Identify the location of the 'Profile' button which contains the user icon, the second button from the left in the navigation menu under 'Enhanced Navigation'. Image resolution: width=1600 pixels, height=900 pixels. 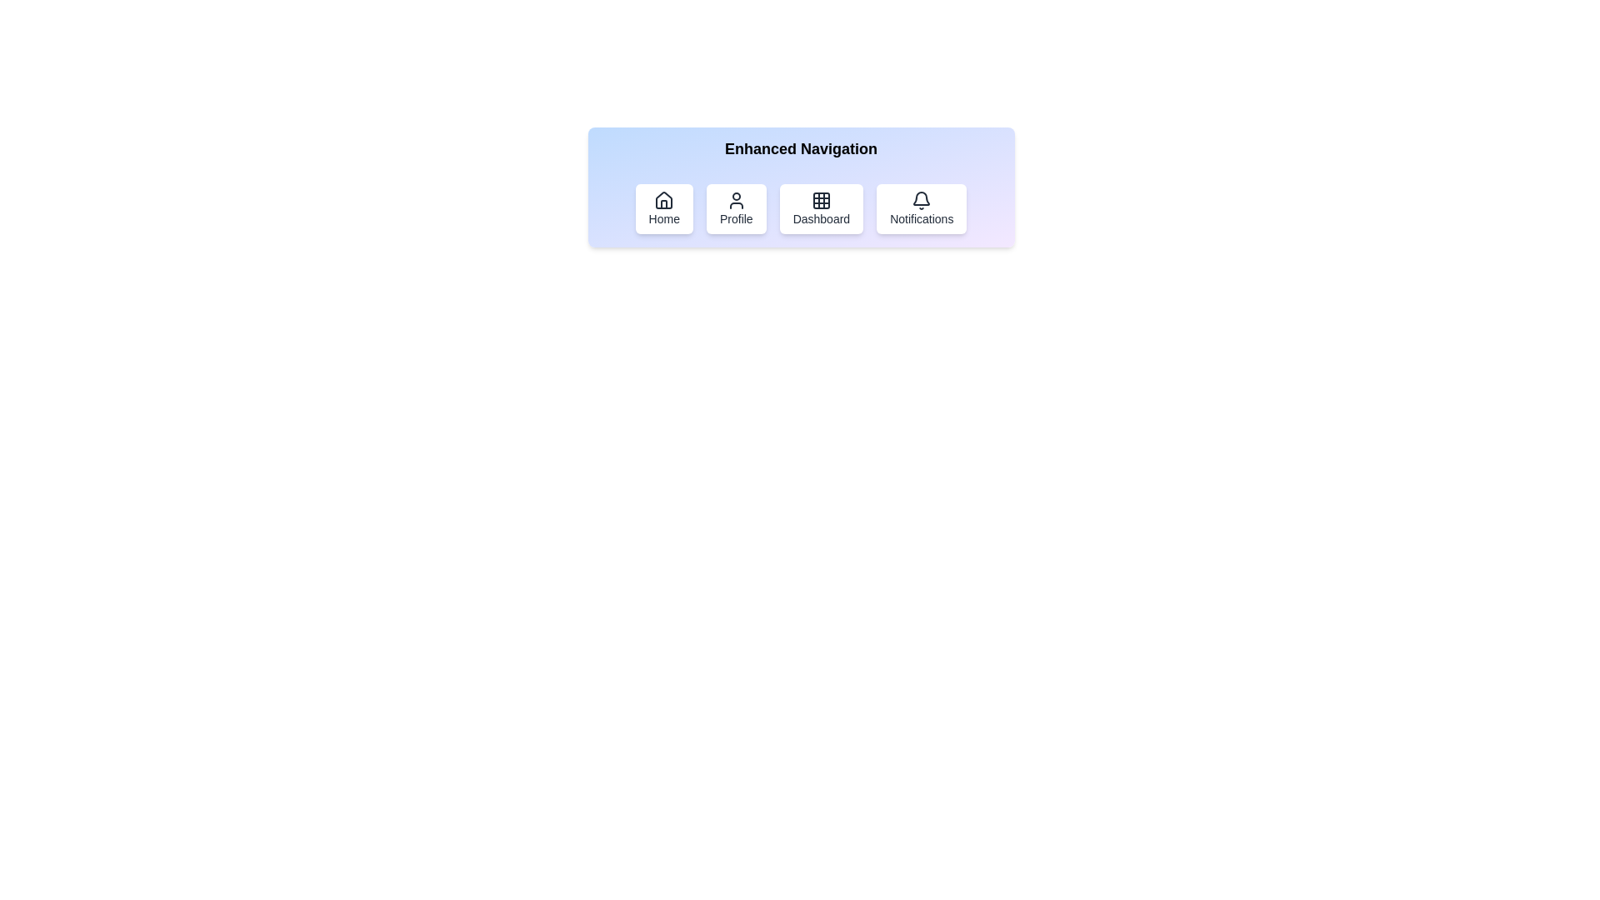
(735, 199).